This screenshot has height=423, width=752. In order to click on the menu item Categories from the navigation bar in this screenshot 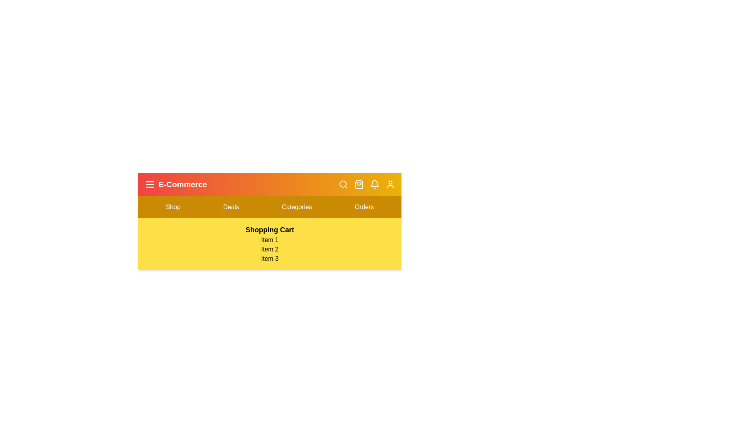, I will do `click(296, 206)`.